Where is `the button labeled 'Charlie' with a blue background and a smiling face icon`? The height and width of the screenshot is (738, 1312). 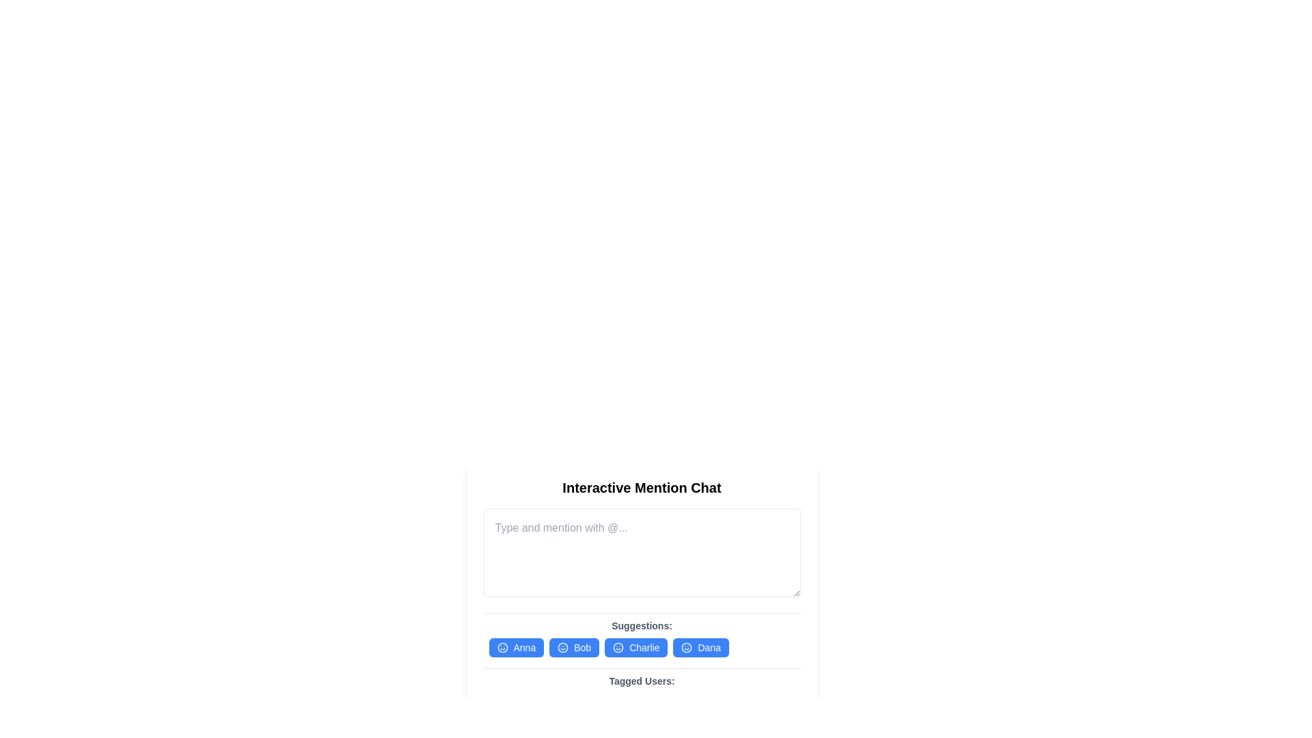
the button labeled 'Charlie' with a blue background and a smiling face icon is located at coordinates (635, 647).